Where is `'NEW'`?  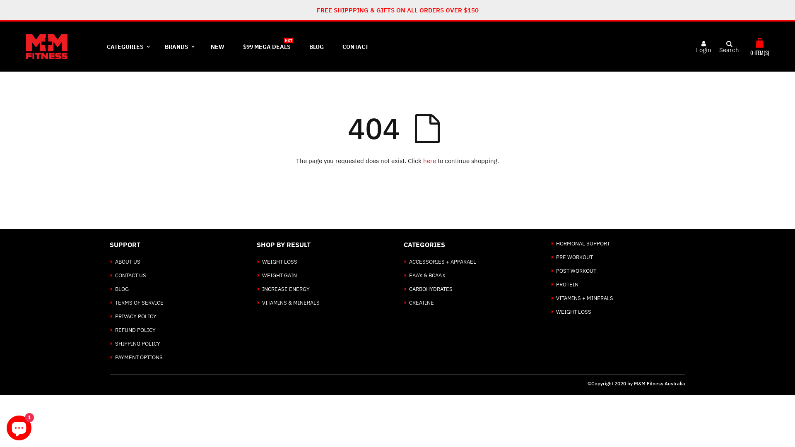
'NEW' is located at coordinates (217, 46).